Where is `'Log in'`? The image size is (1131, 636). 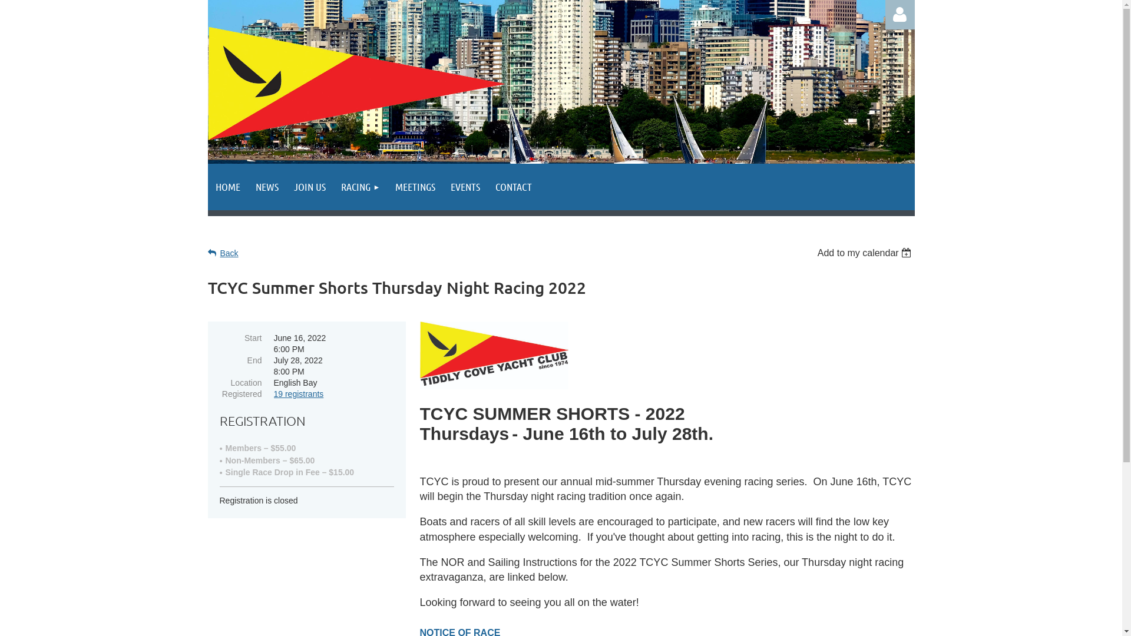 'Log in' is located at coordinates (898, 14).